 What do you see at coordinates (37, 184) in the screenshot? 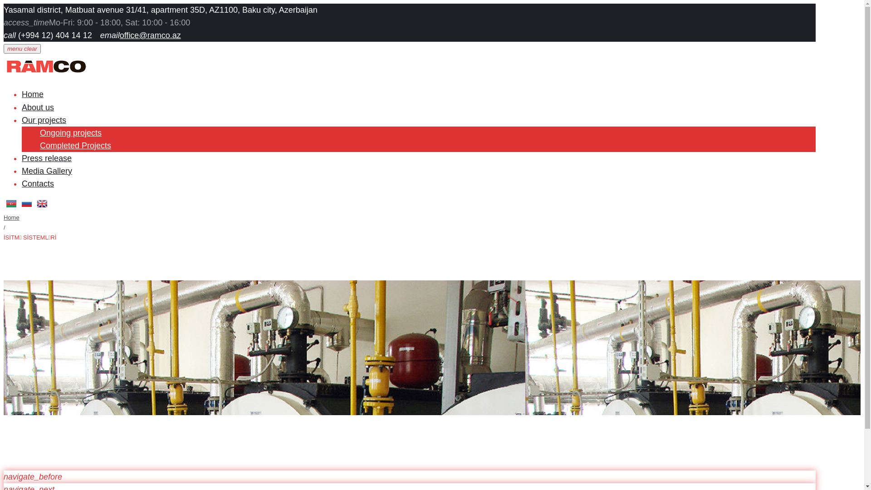
I see `'Contacts'` at bounding box center [37, 184].